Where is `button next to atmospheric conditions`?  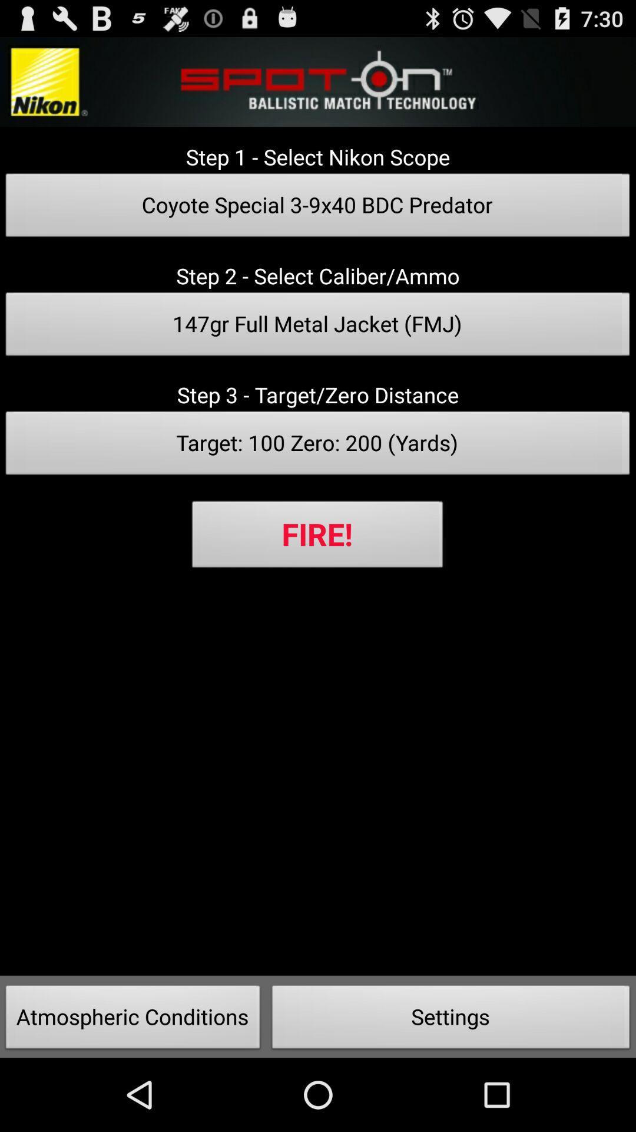 button next to atmospheric conditions is located at coordinates (450, 1020).